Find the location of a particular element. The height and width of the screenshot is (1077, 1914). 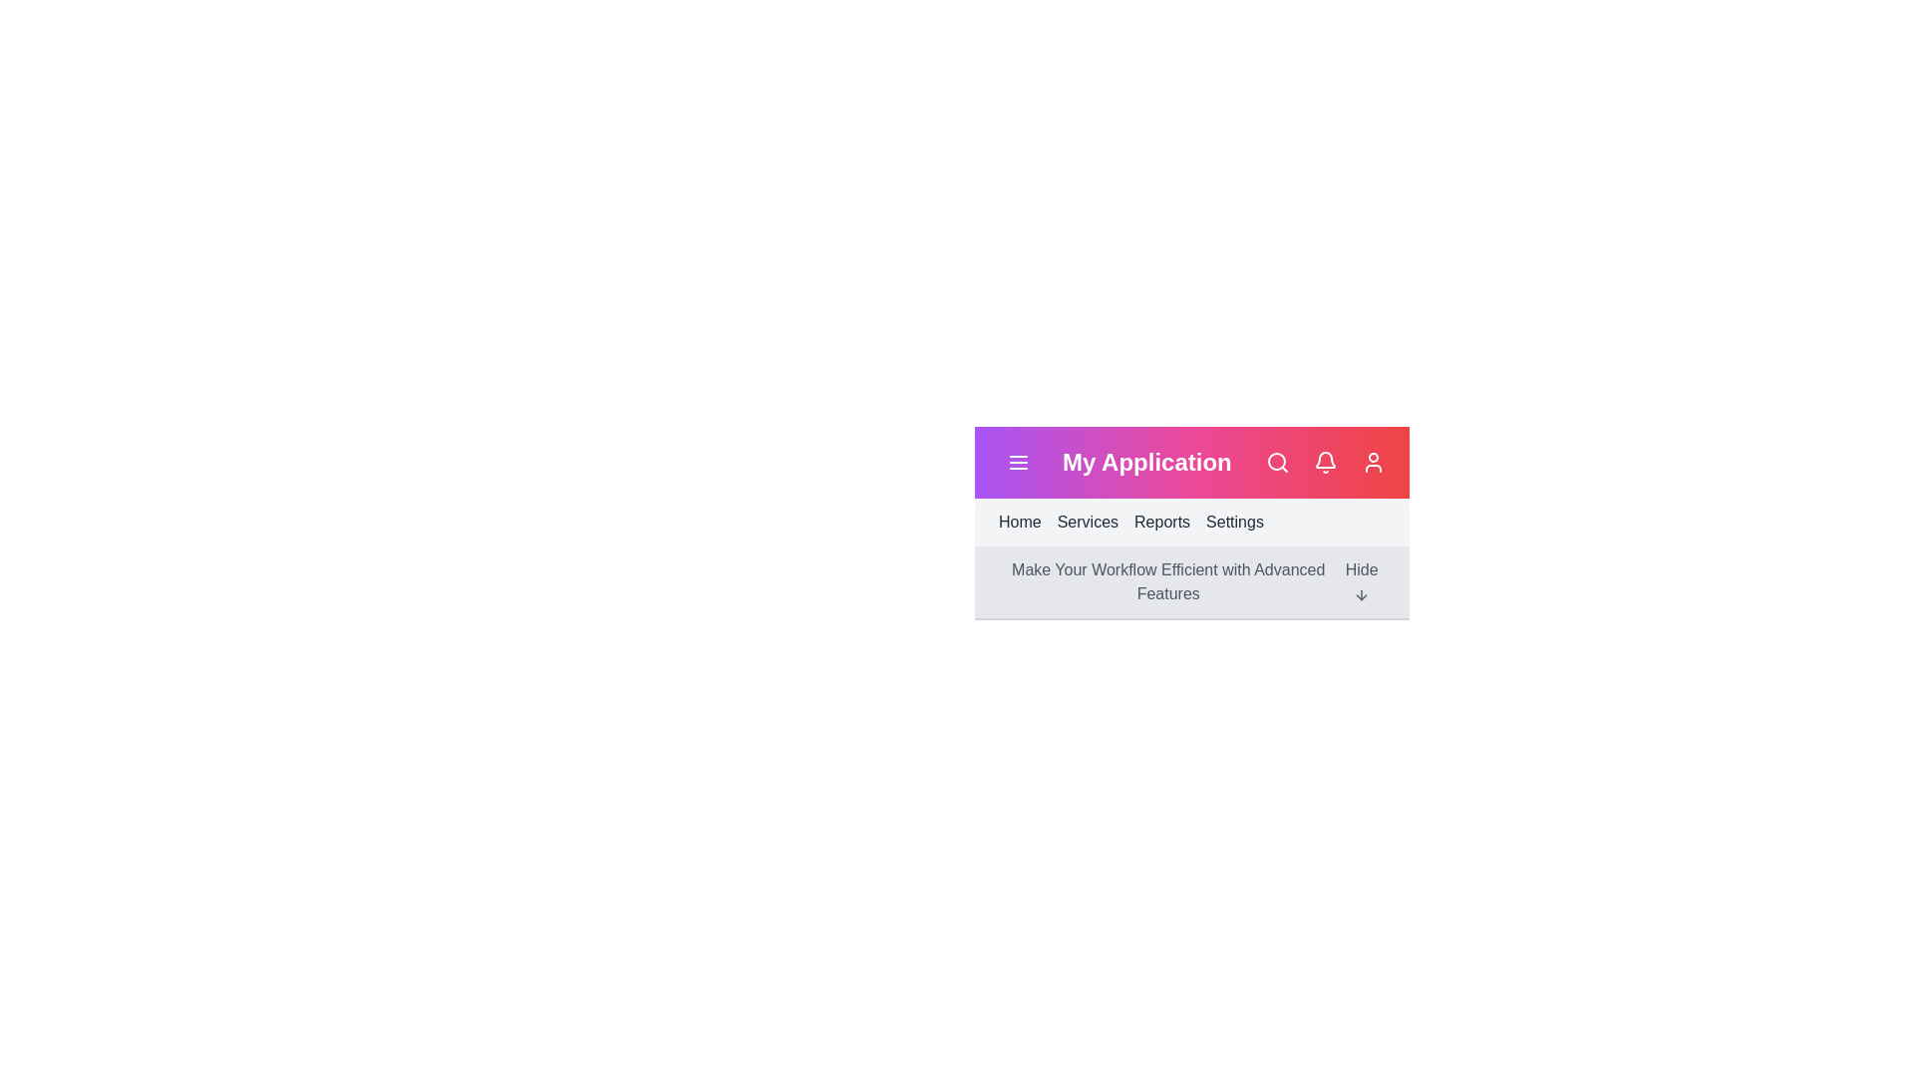

the menu button to toggle the menu visibility is located at coordinates (1019, 462).